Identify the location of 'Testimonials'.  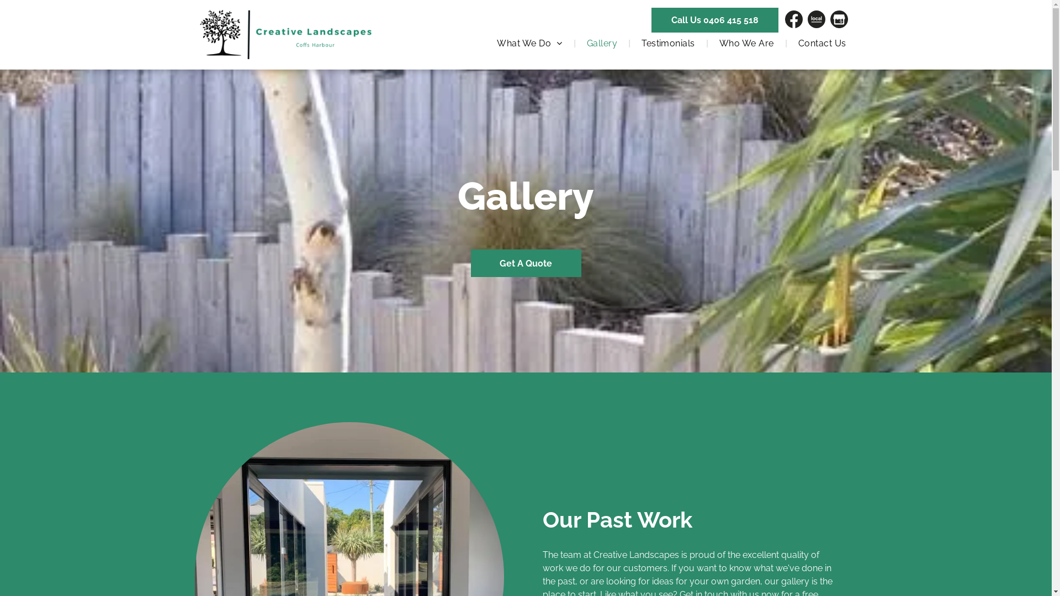
(667, 42).